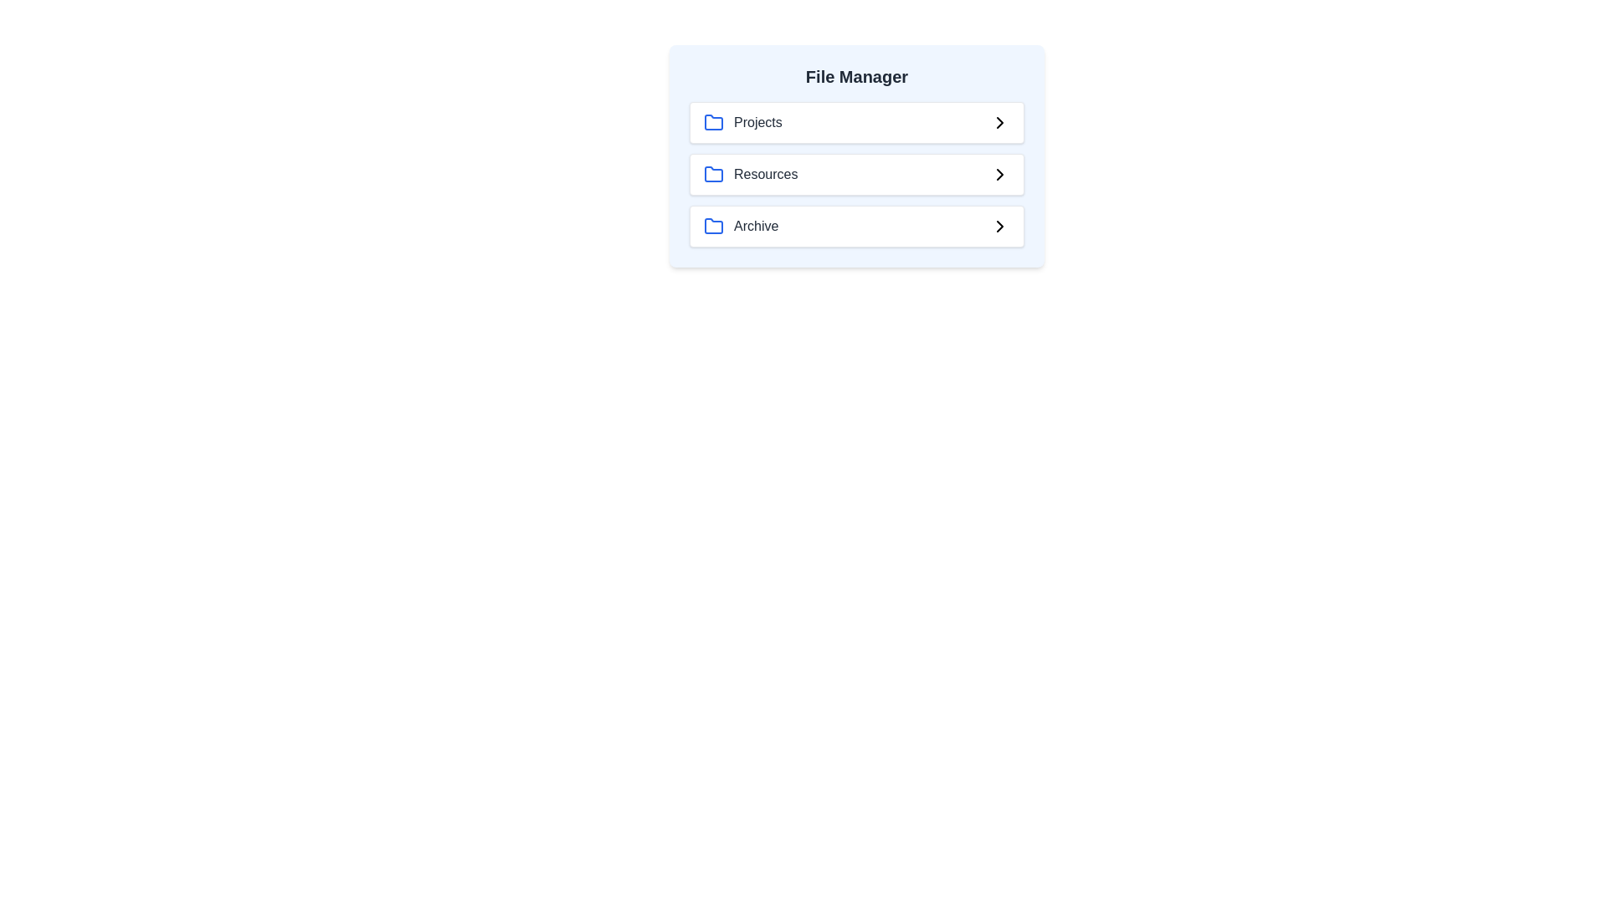  Describe the element at coordinates (856, 77) in the screenshot. I see `the static text element that serves as the title of the file management interface, positioned at the top-center of the card containing sections labeled 'Projects', 'Resources', and 'Archive'` at that location.